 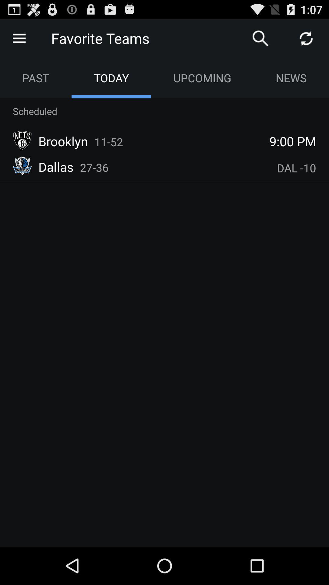 I want to click on the icon below the brooklyn icon, so click(x=94, y=167).